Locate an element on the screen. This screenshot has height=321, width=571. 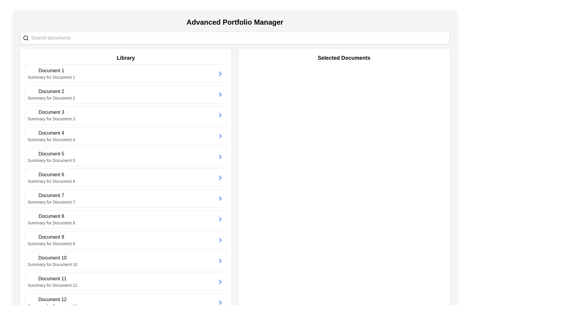
the text label reading 'Document 6' is located at coordinates (51, 177).